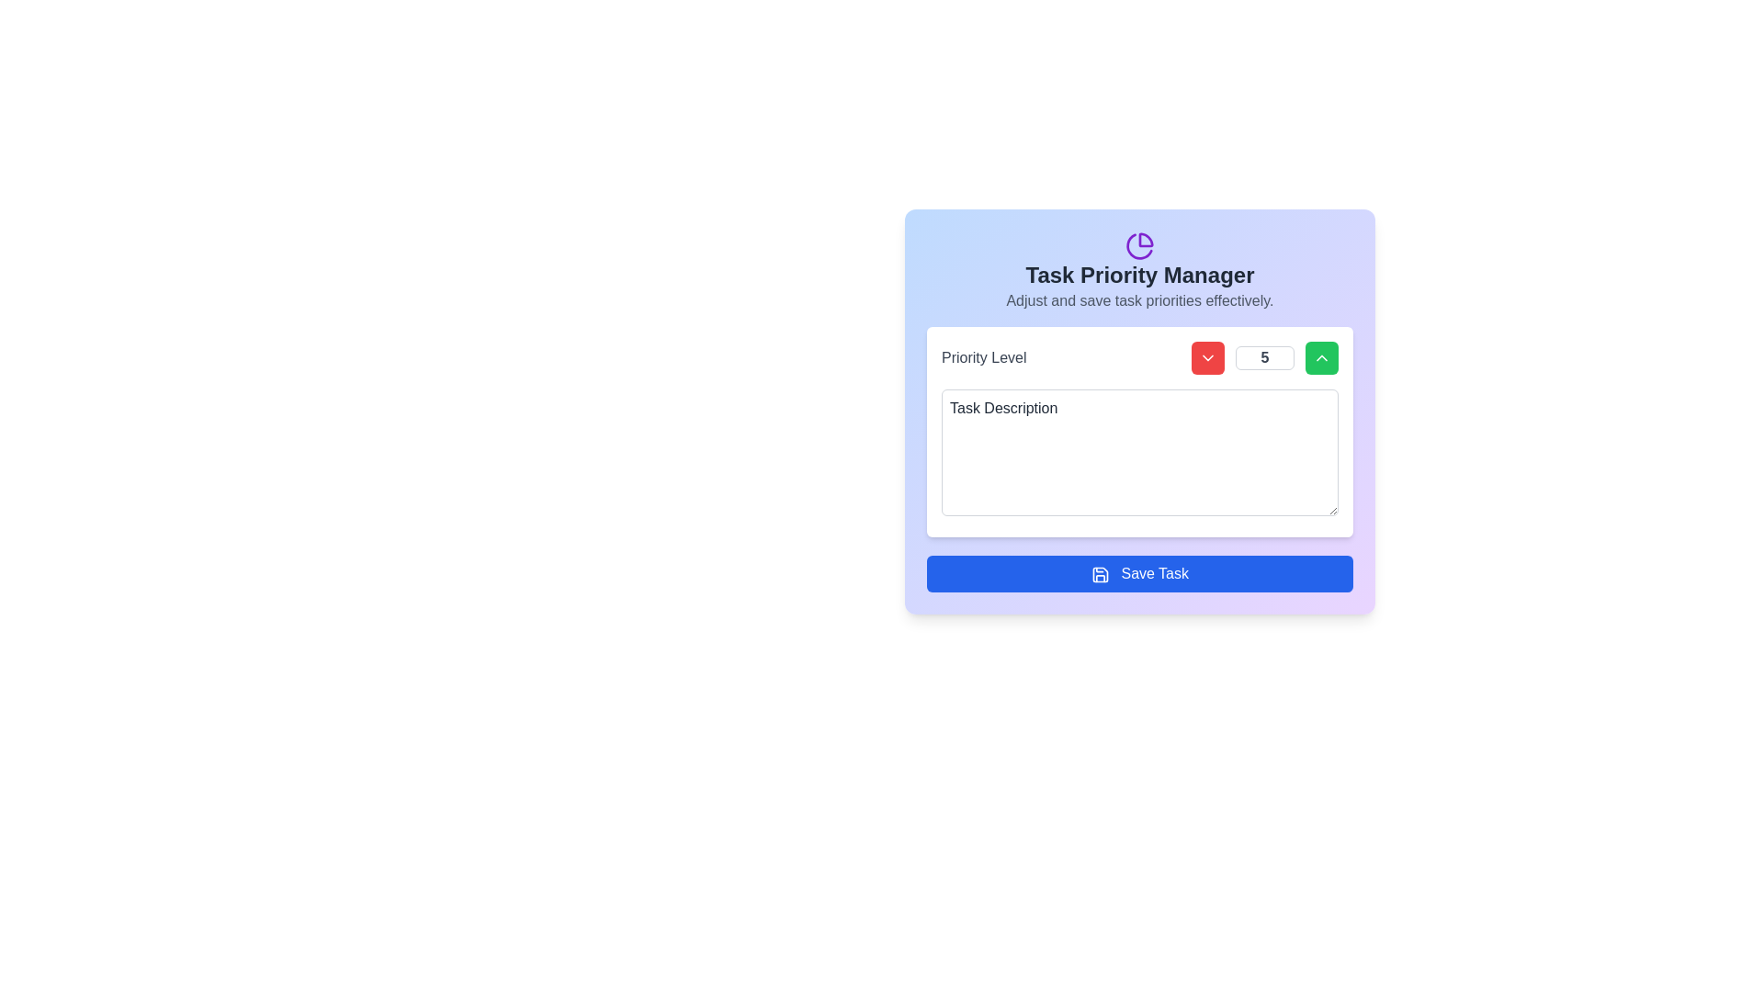 Image resolution: width=1764 pixels, height=992 pixels. What do you see at coordinates (1264, 357) in the screenshot?
I see `the numeric Text Input element for the priority level, which is positioned between a red decrement button and a green increment button, to focus on it` at bounding box center [1264, 357].